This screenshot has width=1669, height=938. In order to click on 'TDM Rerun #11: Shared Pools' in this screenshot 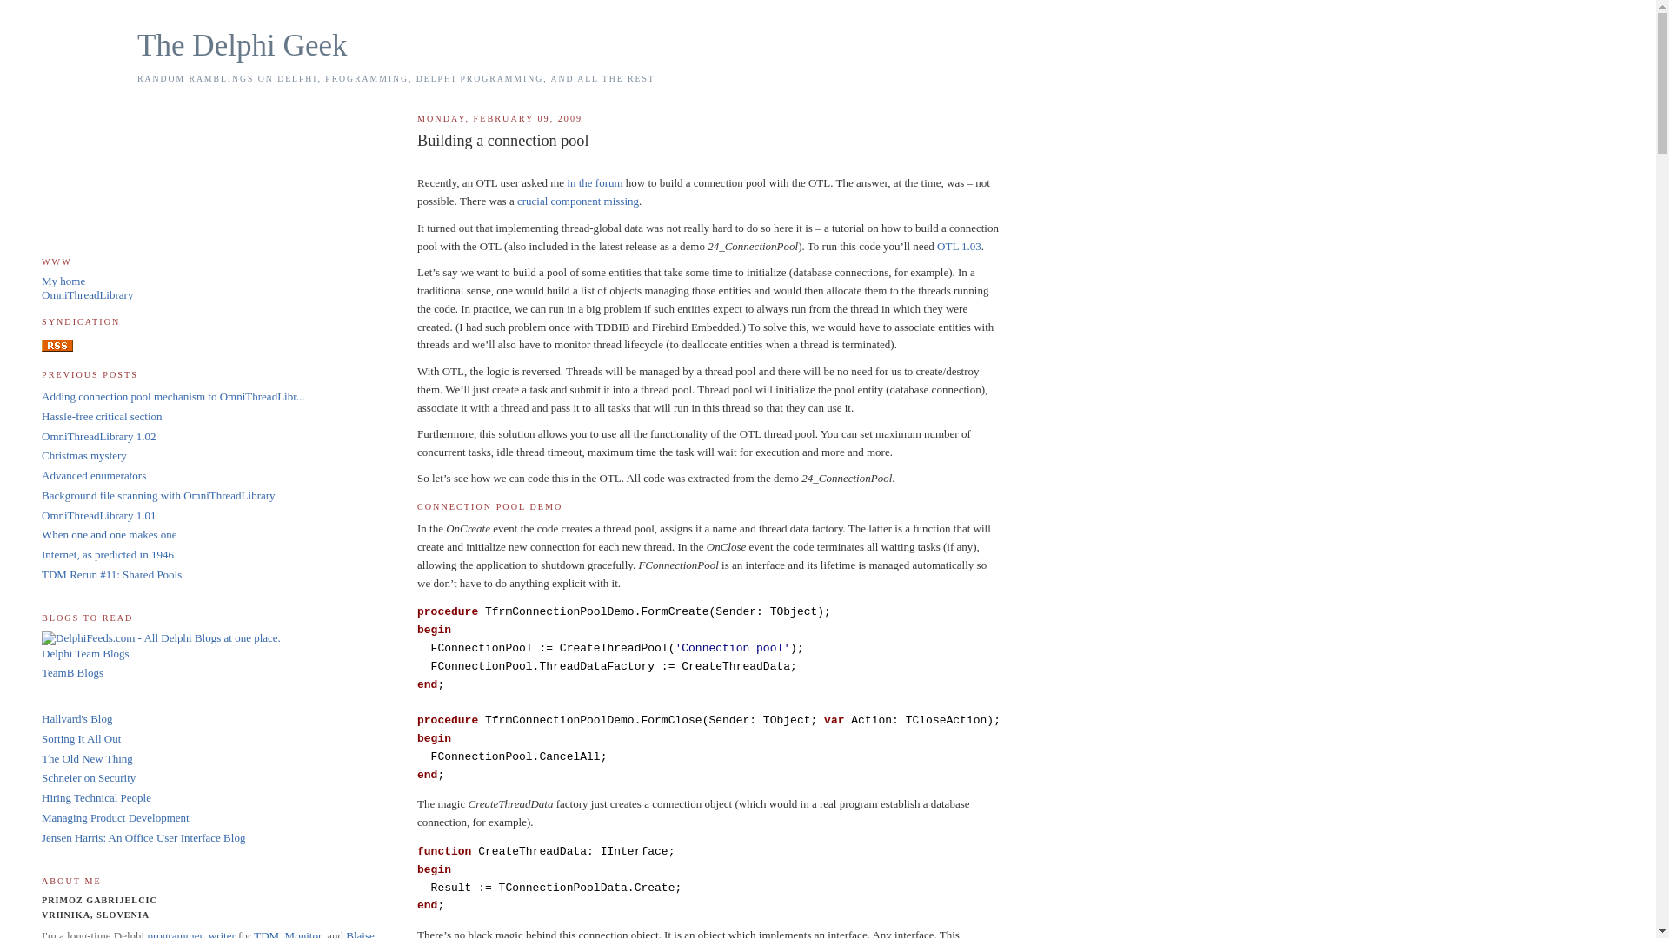, I will do `click(110, 574)`.